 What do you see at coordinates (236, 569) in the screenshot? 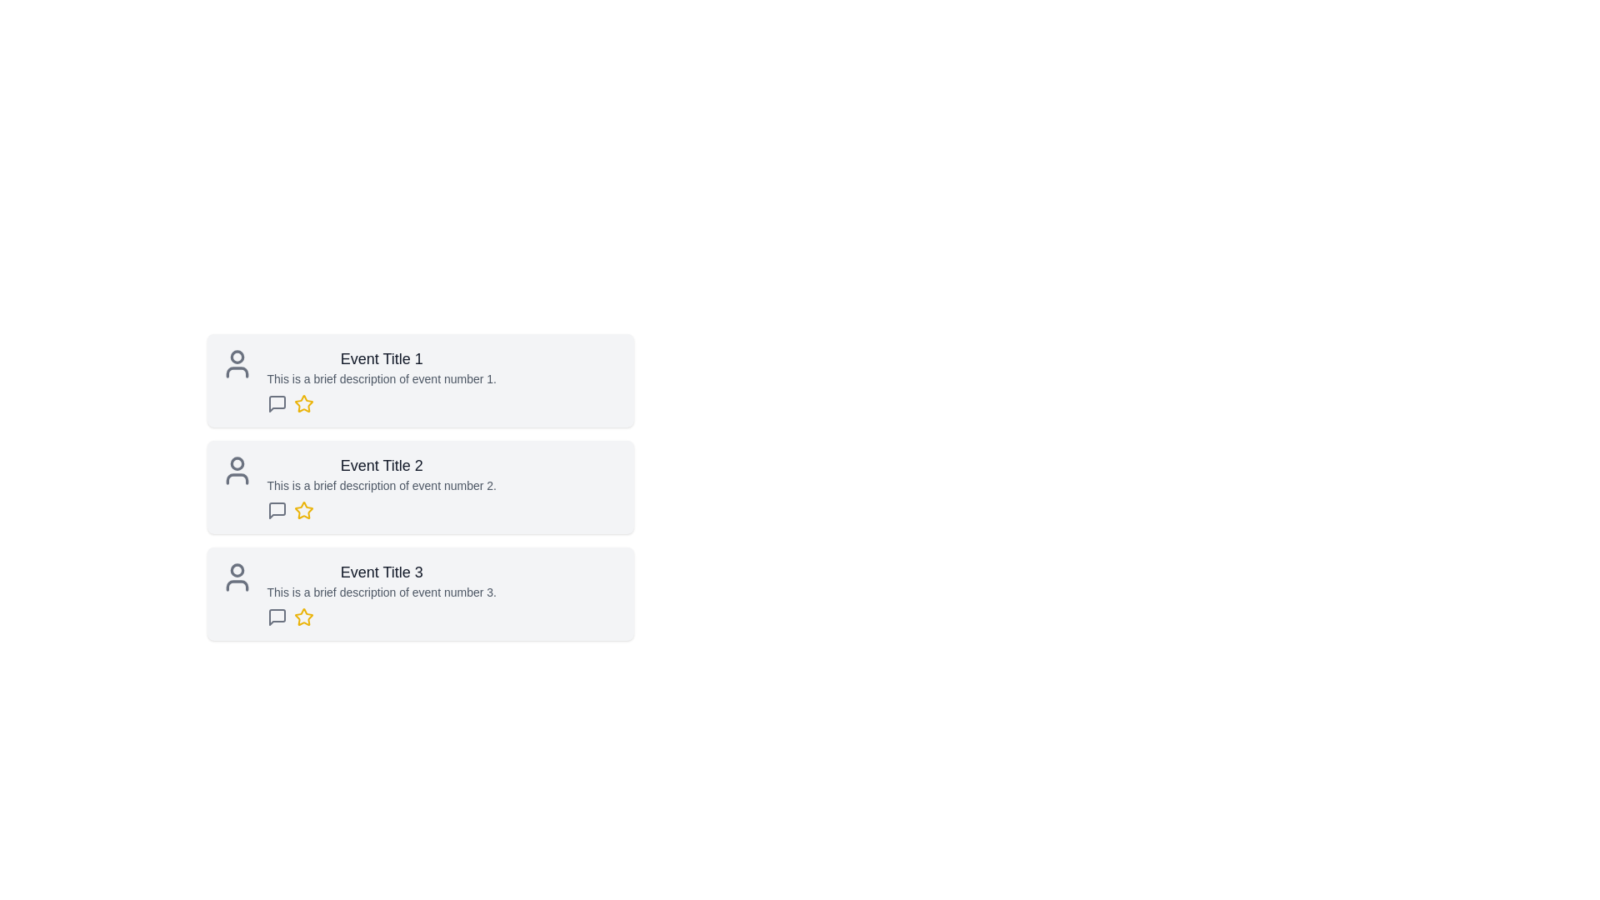
I see `the circular graphic representing the head in the profile icon of the third event card` at bounding box center [236, 569].